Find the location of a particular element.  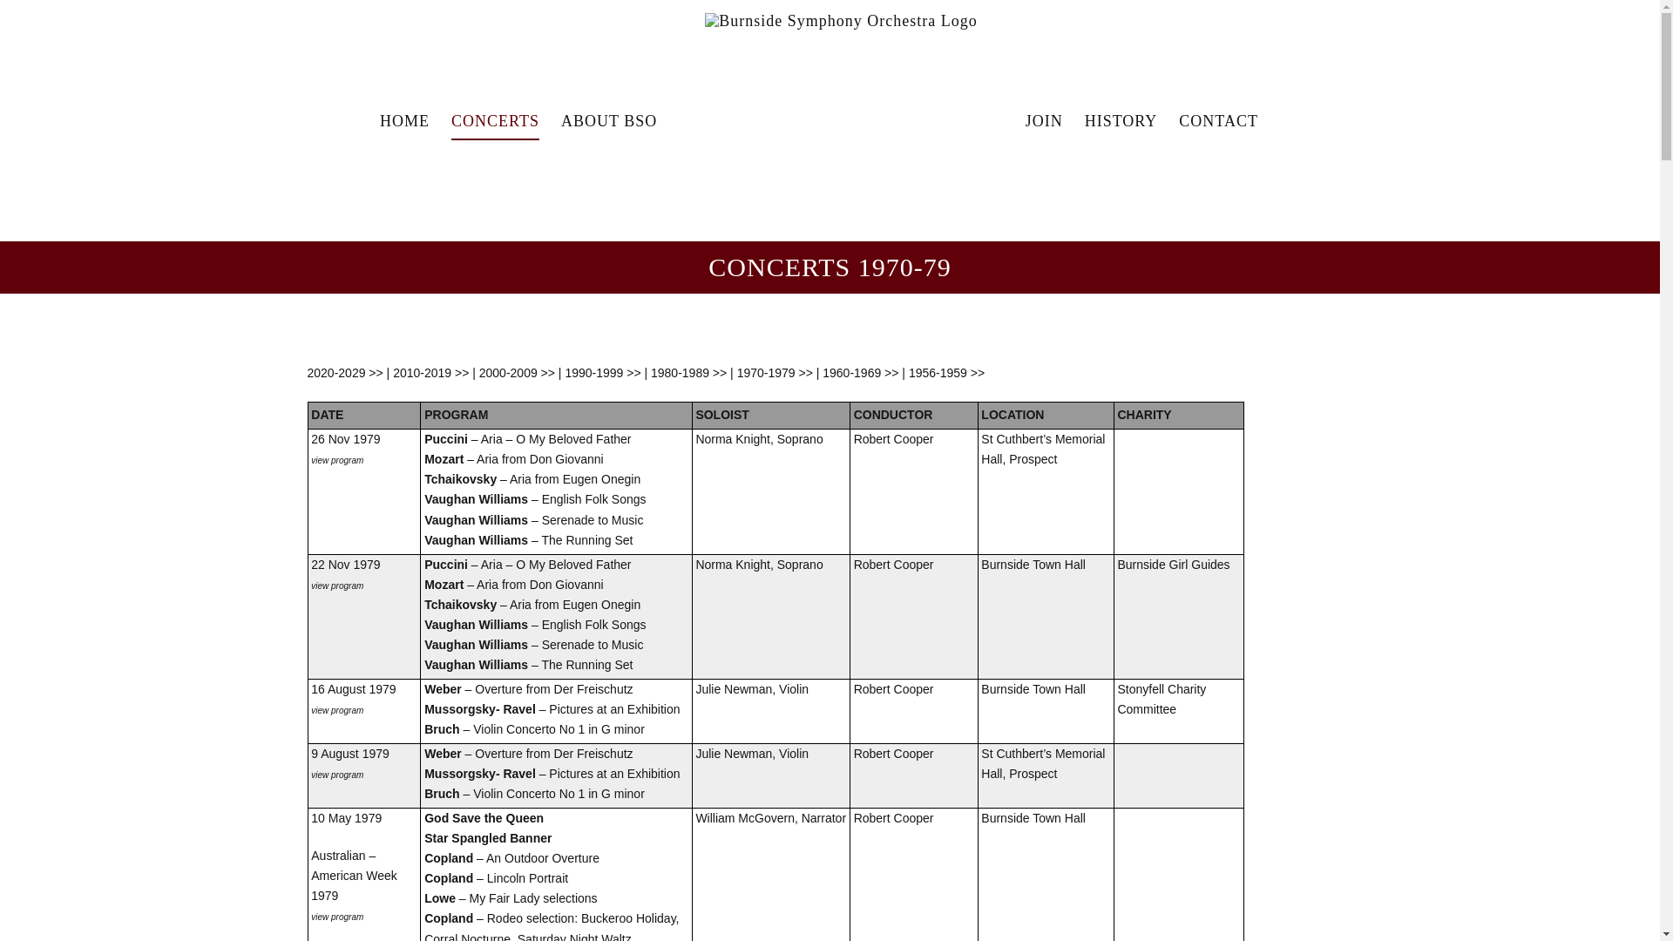

'view program' is located at coordinates (337, 772).